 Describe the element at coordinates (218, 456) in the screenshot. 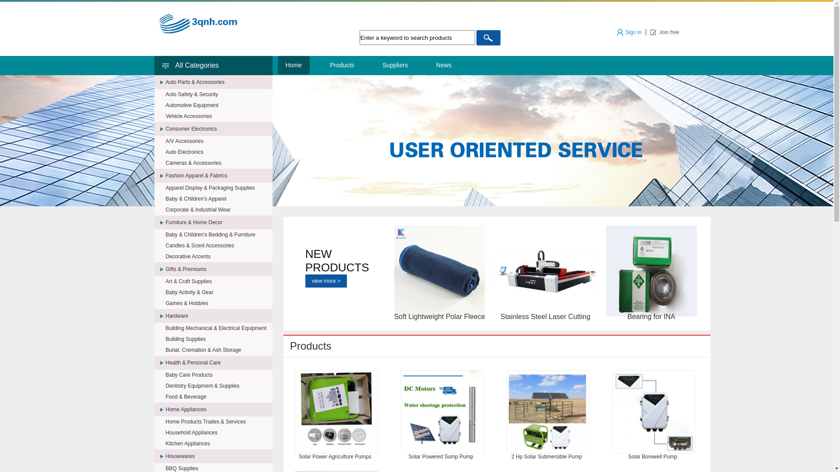

I see `'Housewares'` at that location.